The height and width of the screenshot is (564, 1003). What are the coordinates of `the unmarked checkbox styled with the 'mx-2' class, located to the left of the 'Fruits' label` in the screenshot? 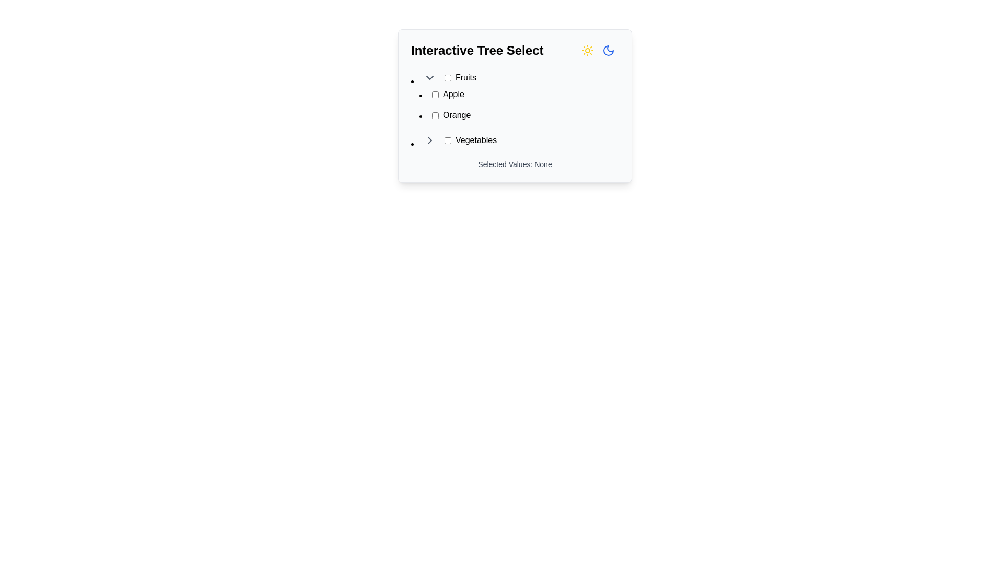 It's located at (448, 77).